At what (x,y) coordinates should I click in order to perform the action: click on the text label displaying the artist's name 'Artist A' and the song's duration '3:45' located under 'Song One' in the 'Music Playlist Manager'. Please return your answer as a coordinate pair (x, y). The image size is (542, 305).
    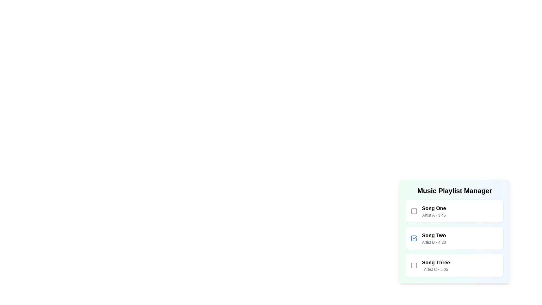
    Looking at the image, I should click on (434, 215).